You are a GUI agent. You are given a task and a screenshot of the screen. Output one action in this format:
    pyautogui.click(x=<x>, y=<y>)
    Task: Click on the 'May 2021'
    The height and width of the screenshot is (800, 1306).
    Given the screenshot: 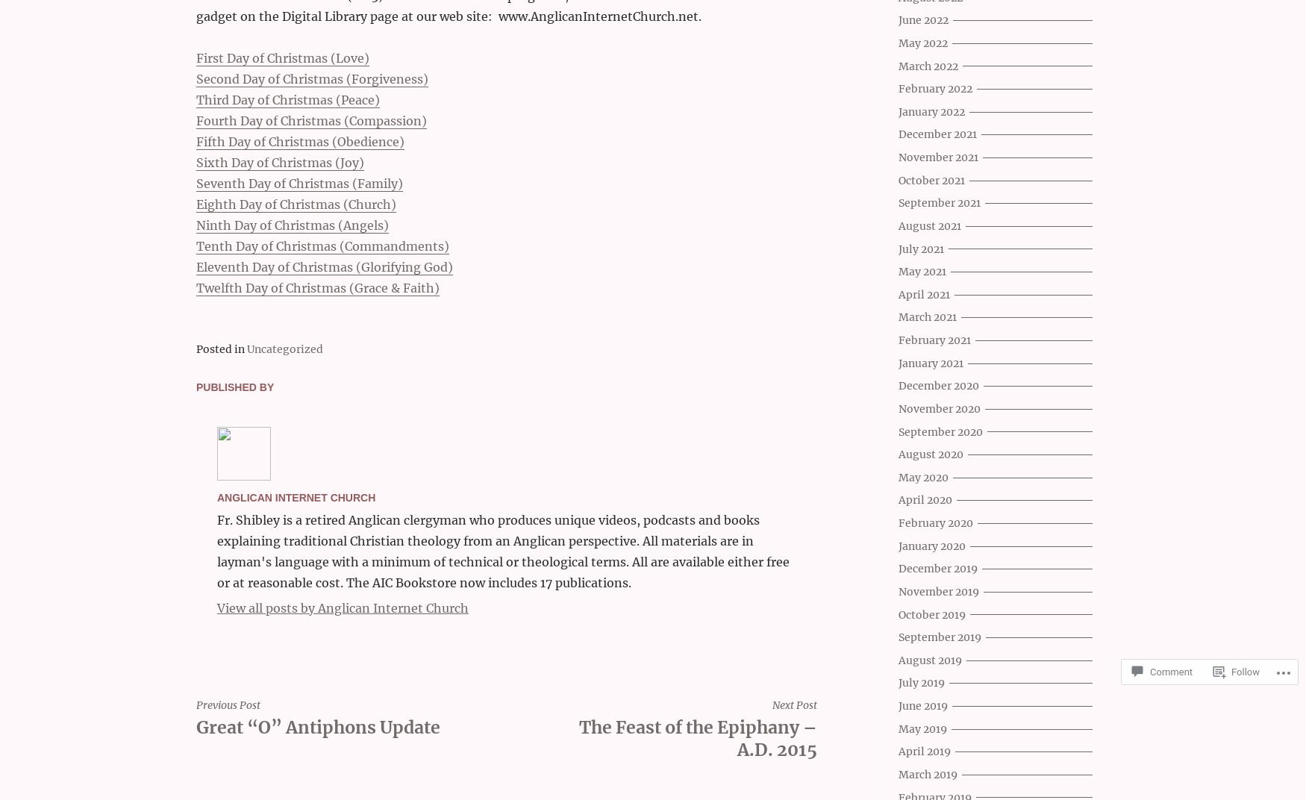 What is the action you would take?
    pyautogui.click(x=922, y=272)
    